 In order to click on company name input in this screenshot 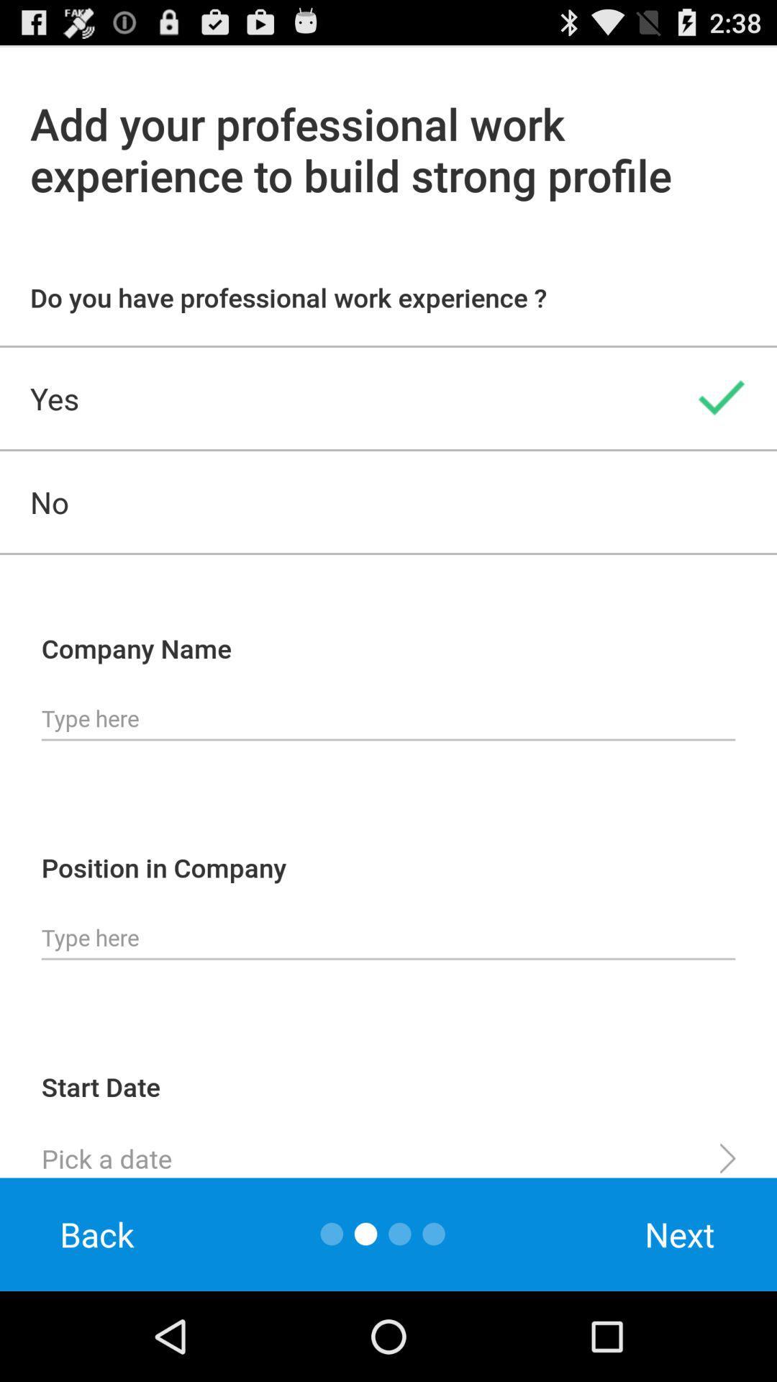, I will do `click(388, 718)`.